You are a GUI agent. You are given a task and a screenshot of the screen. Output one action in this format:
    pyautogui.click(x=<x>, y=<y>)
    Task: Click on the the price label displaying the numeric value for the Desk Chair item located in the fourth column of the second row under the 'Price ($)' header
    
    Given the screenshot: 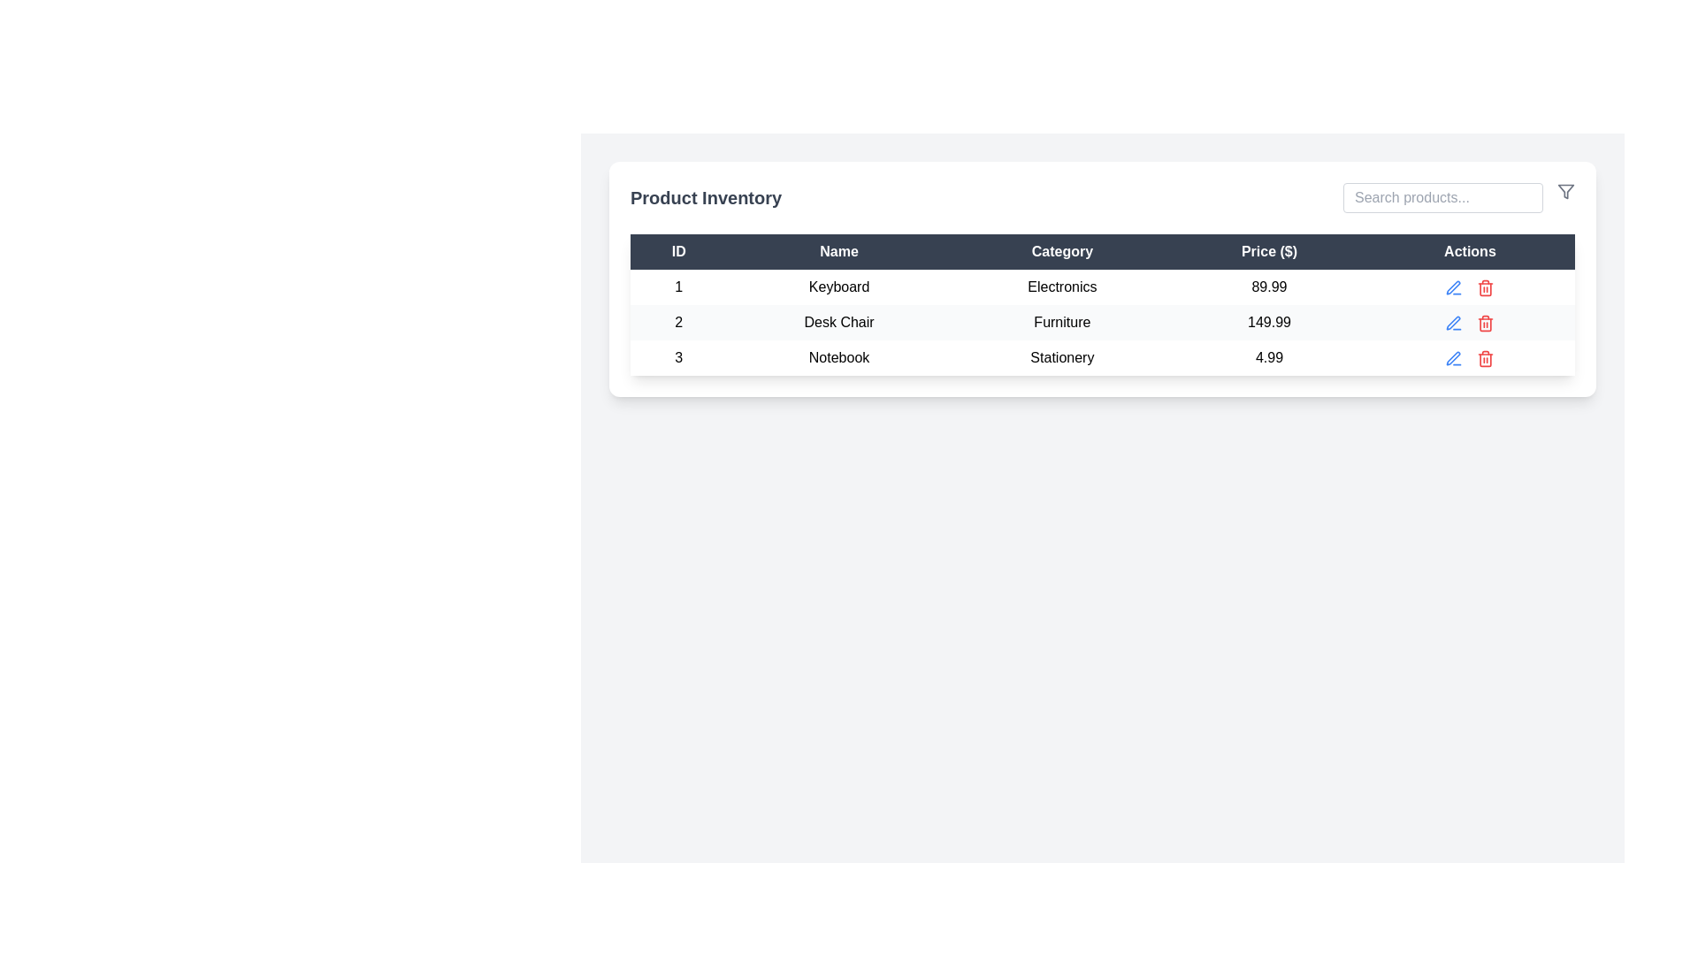 What is the action you would take?
    pyautogui.click(x=1268, y=323)
    